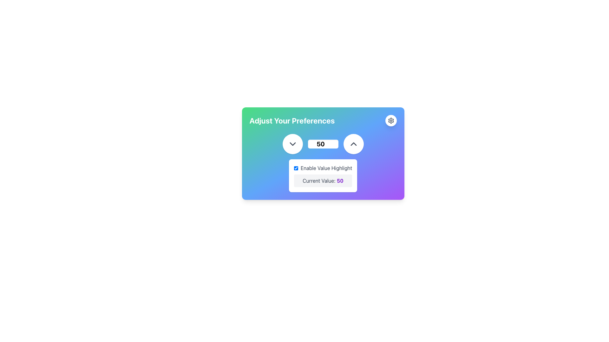 The width and height of the screenshot is (609, 342). I want to click on the 'Enable Value Highlight' label next to the checkbox to get an explanation, so click(323, 168).